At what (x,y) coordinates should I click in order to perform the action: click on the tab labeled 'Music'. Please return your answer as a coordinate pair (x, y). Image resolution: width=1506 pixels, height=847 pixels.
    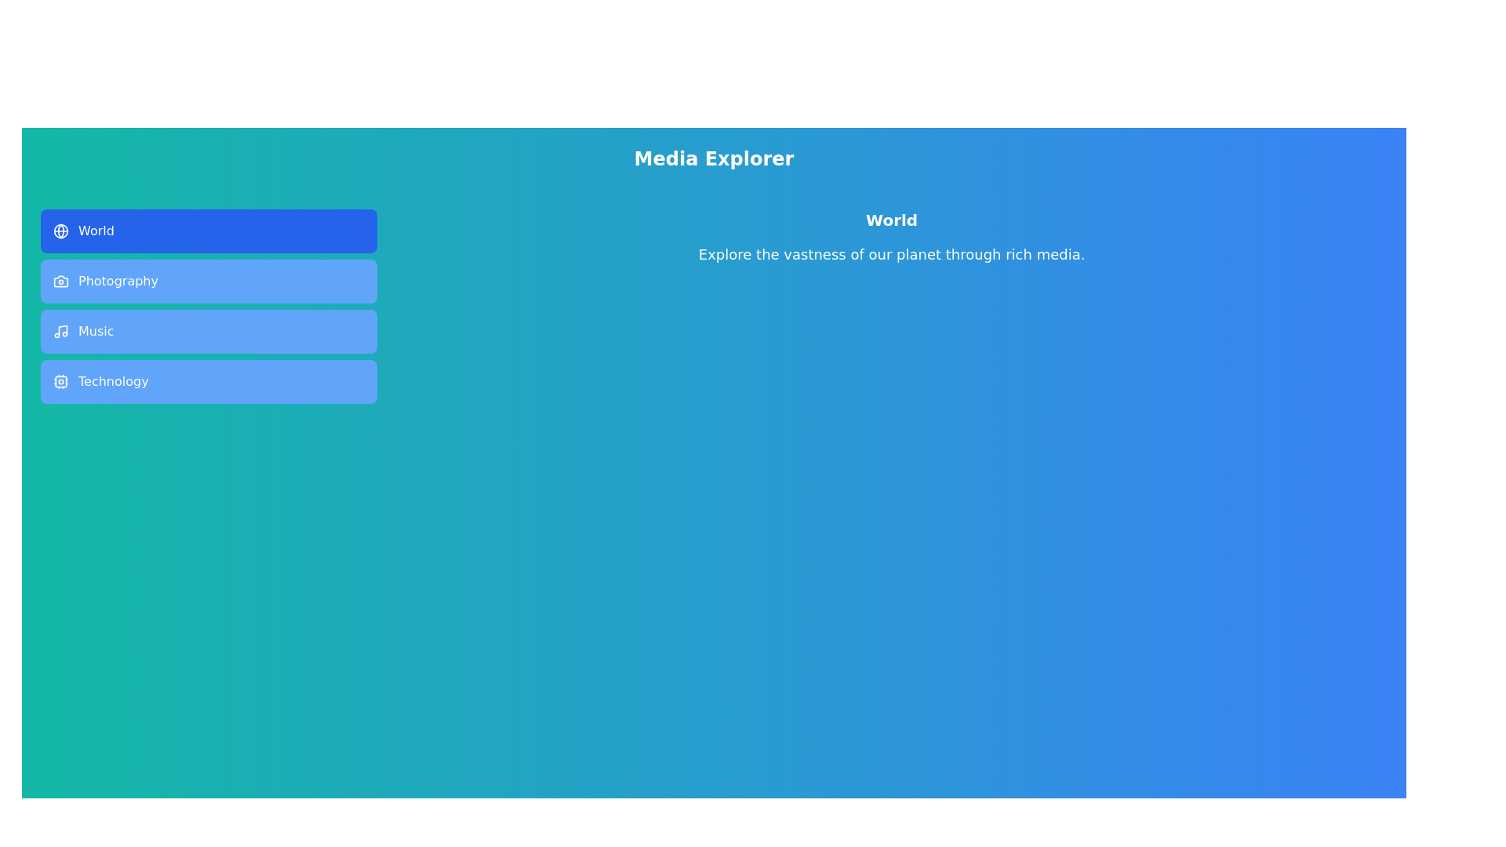
    Looking at the image, I should click on (208, 331).